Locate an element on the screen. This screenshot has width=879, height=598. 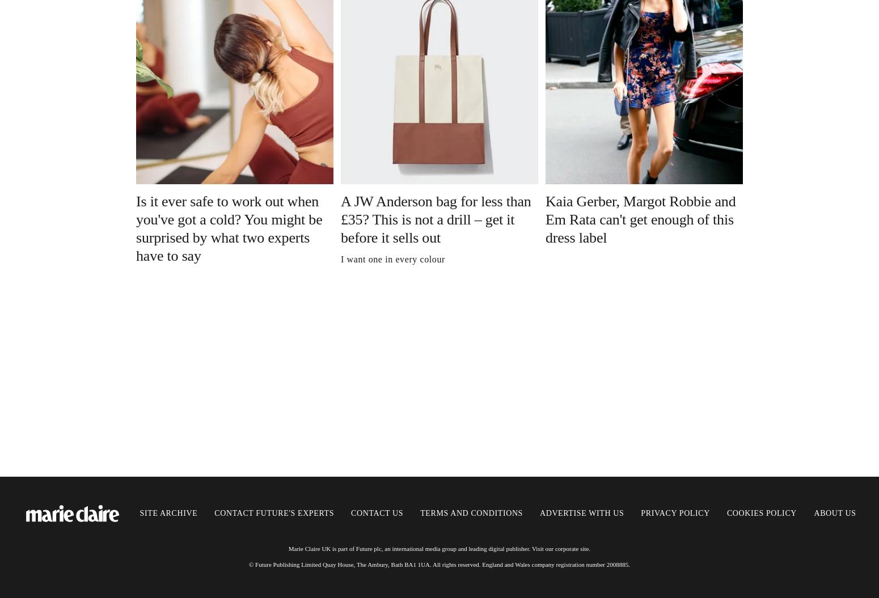
'.' is located at coordinates (589, 548).